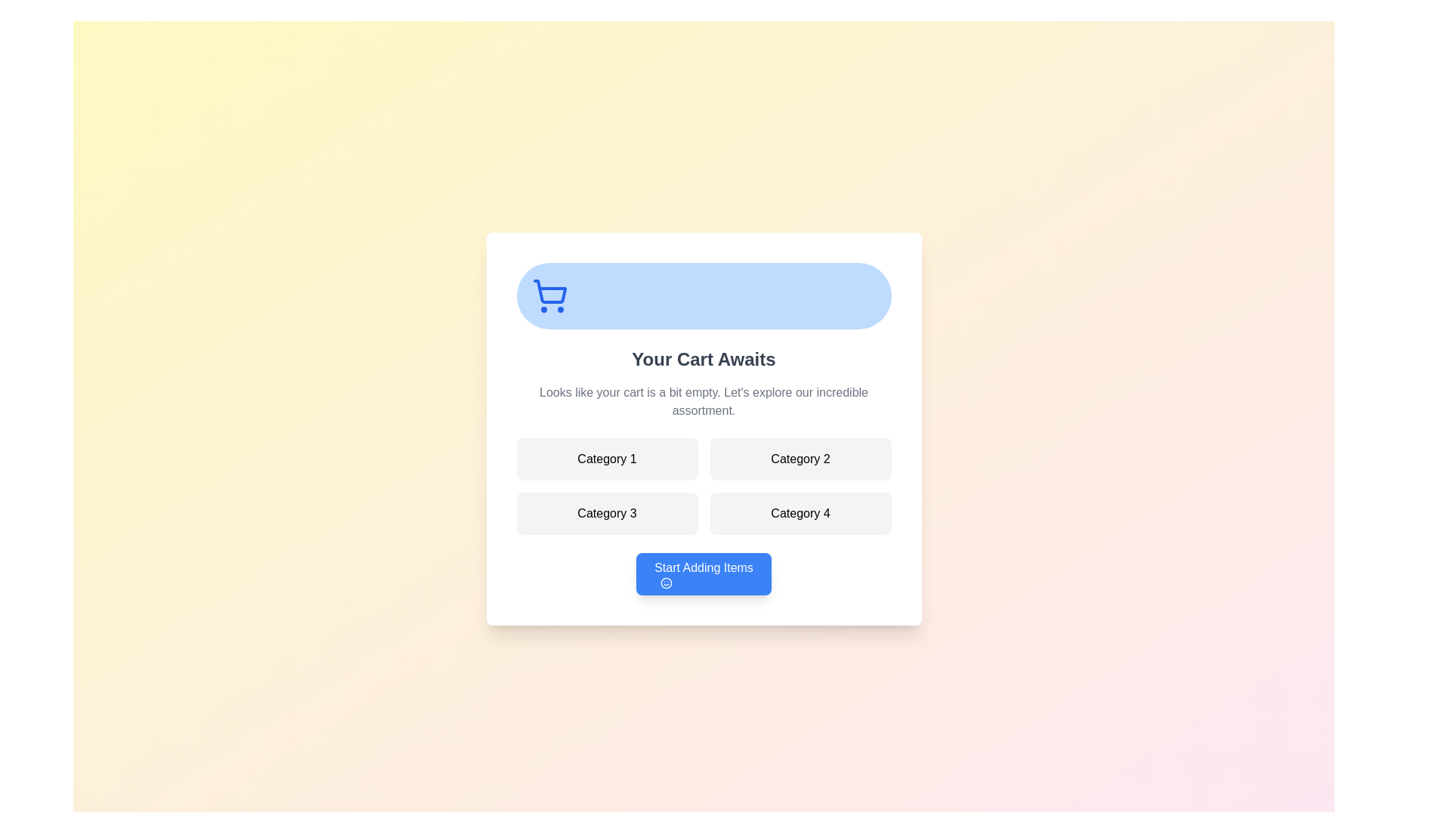  What do you see at coordinates (800, 512) in the screenshot?
I see `the rectangular button with a light gray background and black text reading 'Category 4' located in the lower-right corner of the category button grid` at bounding box center [800, 512].